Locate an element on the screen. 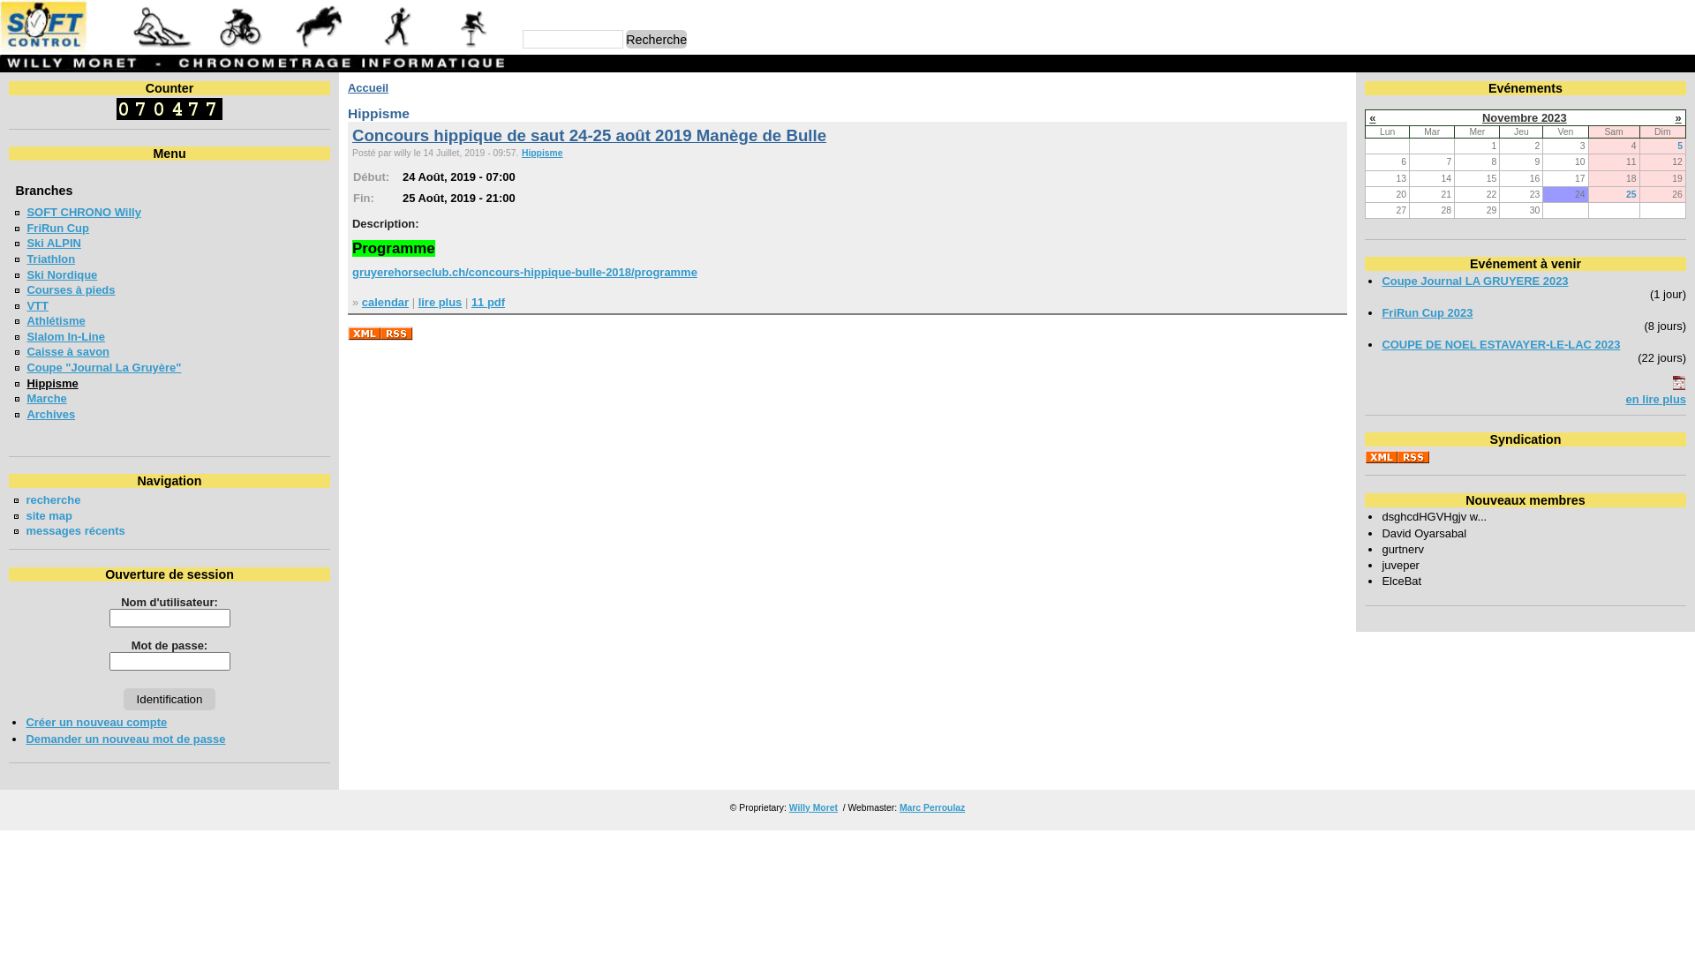 Image resolution: width=1695 pixels, height=953 pixels. 'calendar' is located at coordinates (384, 301).